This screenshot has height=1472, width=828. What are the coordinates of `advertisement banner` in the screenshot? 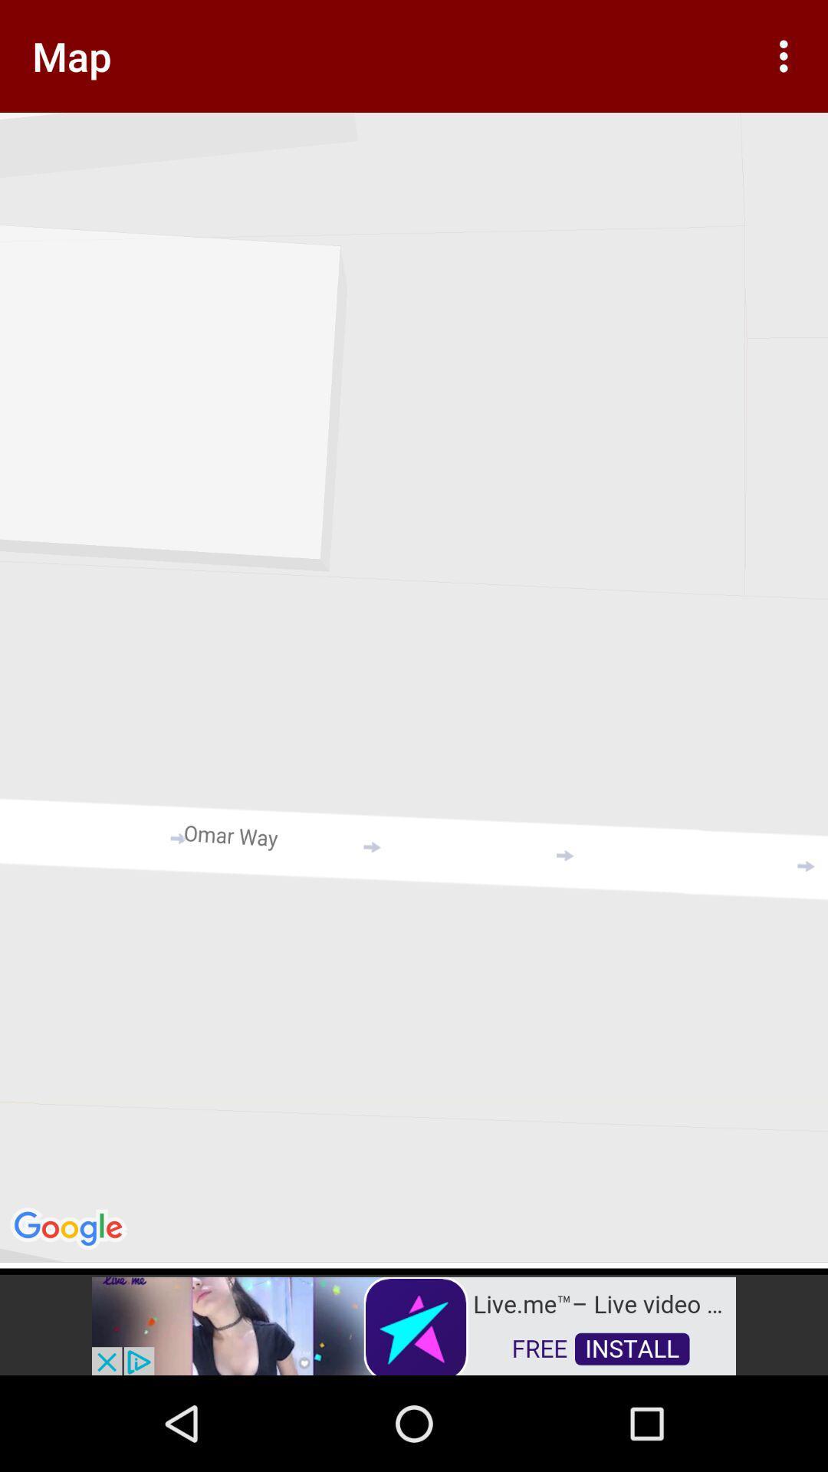 It's located at (414, 1324).